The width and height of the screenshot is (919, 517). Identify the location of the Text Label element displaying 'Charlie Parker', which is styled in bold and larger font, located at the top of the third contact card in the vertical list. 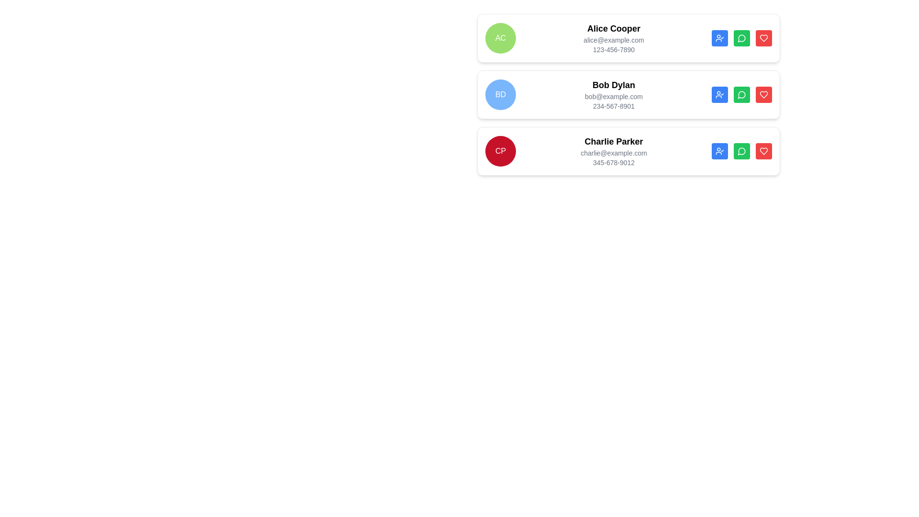
(614, 142).